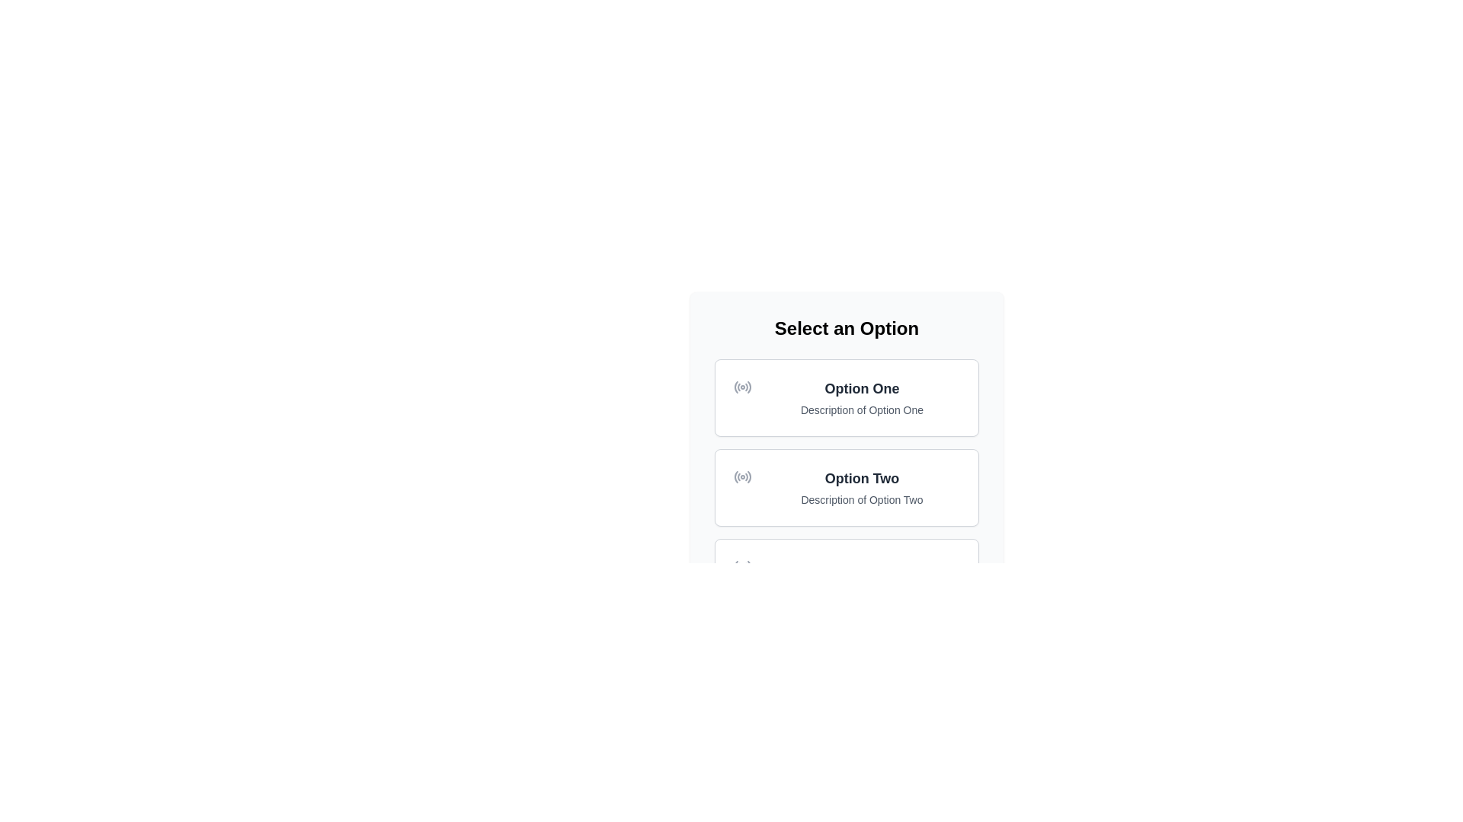 Image resolution: width=1463 pixels, height=822 pixels. Describe the element at coordinates (862, 487) in the screenshot. I see `text content of the display labeled 'Option Two', which includes a header in bold dark text and a smaller descriptor below it` at that location.